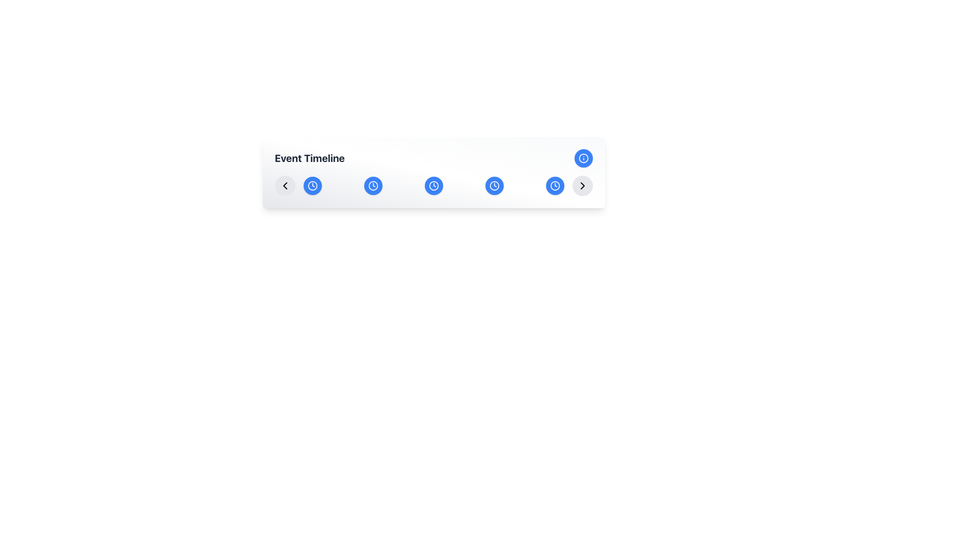  What do you see at coordinates (372, 186) in the screenshot?
I see `the second circular icon from the left in the timeline, located slightly to the right of 'Event Timeline', to interpret its meaning` at bounding box center [372, 186].